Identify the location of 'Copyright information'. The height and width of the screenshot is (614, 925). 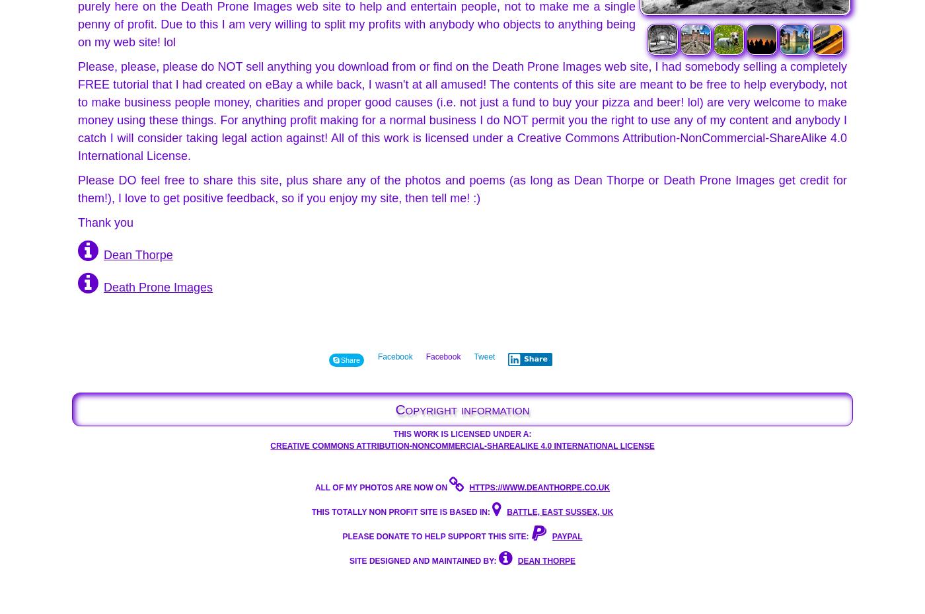
(462, 408).